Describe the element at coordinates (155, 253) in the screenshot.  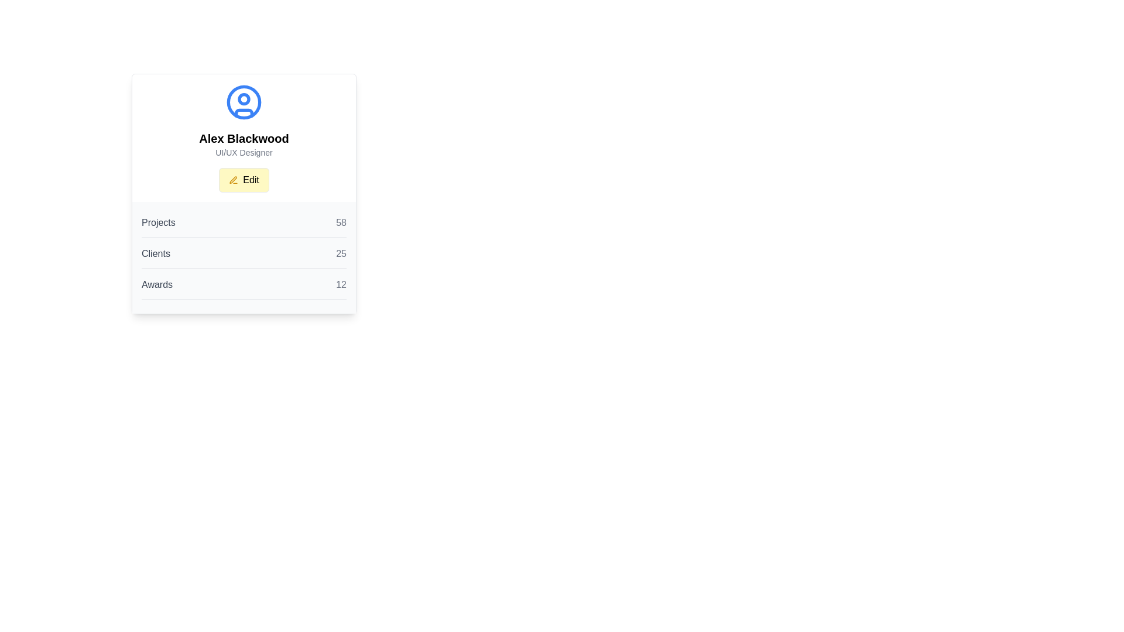
I see `the 'Clients' text label that describes the associated numeric value '25', indicating the number of clients related to the user` at that location.